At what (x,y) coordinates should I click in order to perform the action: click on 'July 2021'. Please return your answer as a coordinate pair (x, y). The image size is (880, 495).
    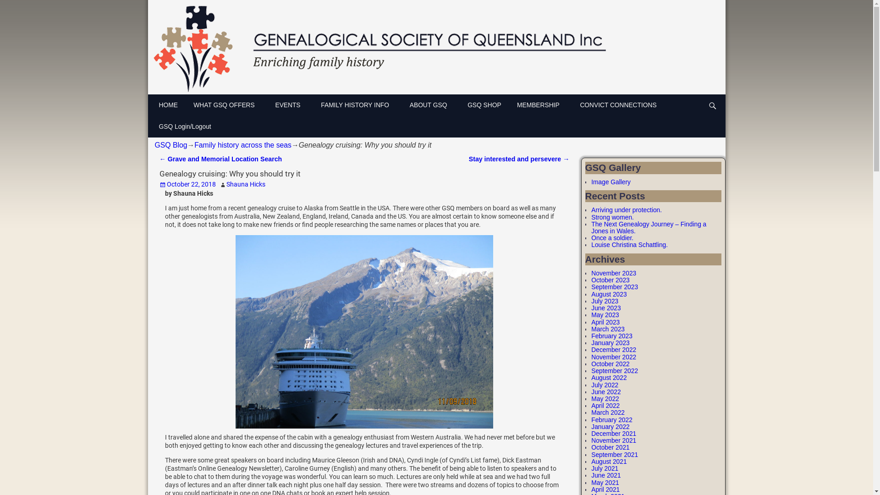
    Looking at the image, I should click on (605, 468).